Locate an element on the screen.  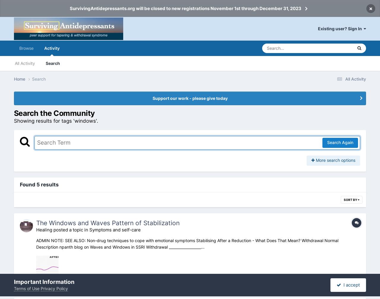
'Search the Community' is located at coordinates (54, 113).